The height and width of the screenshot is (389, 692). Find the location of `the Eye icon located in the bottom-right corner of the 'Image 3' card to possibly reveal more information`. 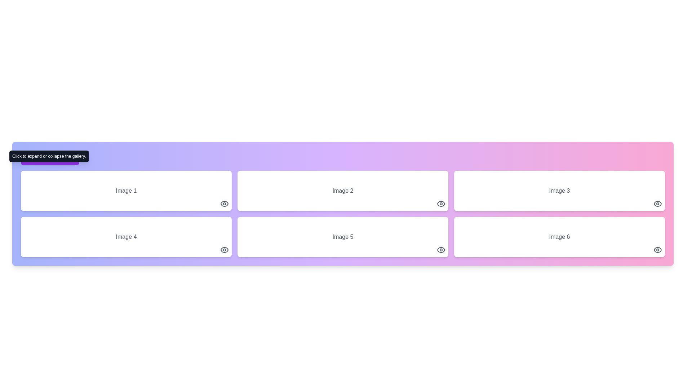

the Eye icon located in the bottom-right corner of the 'Image 3' card to possibly reveal more information is located at coordinates (657, 204).